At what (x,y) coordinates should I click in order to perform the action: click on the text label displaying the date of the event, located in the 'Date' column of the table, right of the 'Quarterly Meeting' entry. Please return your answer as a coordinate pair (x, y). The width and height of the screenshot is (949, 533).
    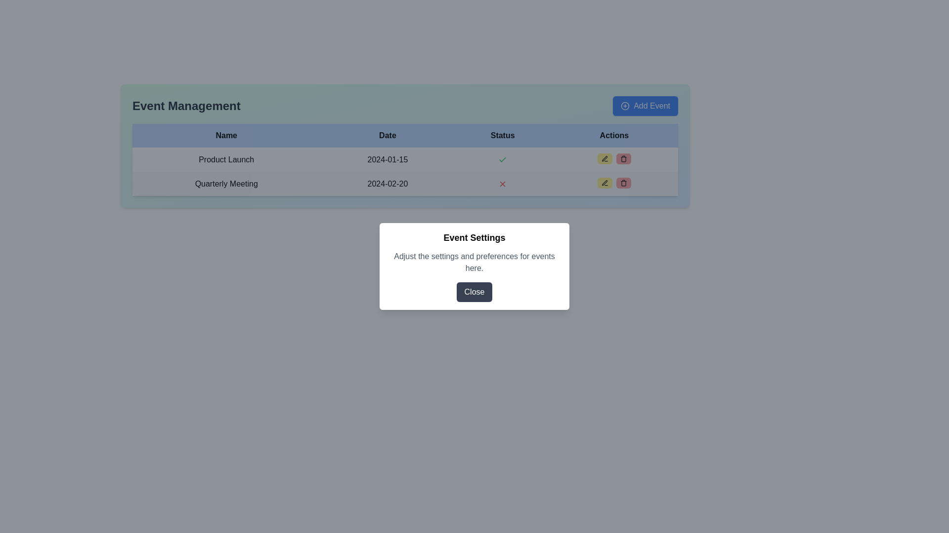
    Looking at the image, I should click on (387, 184).